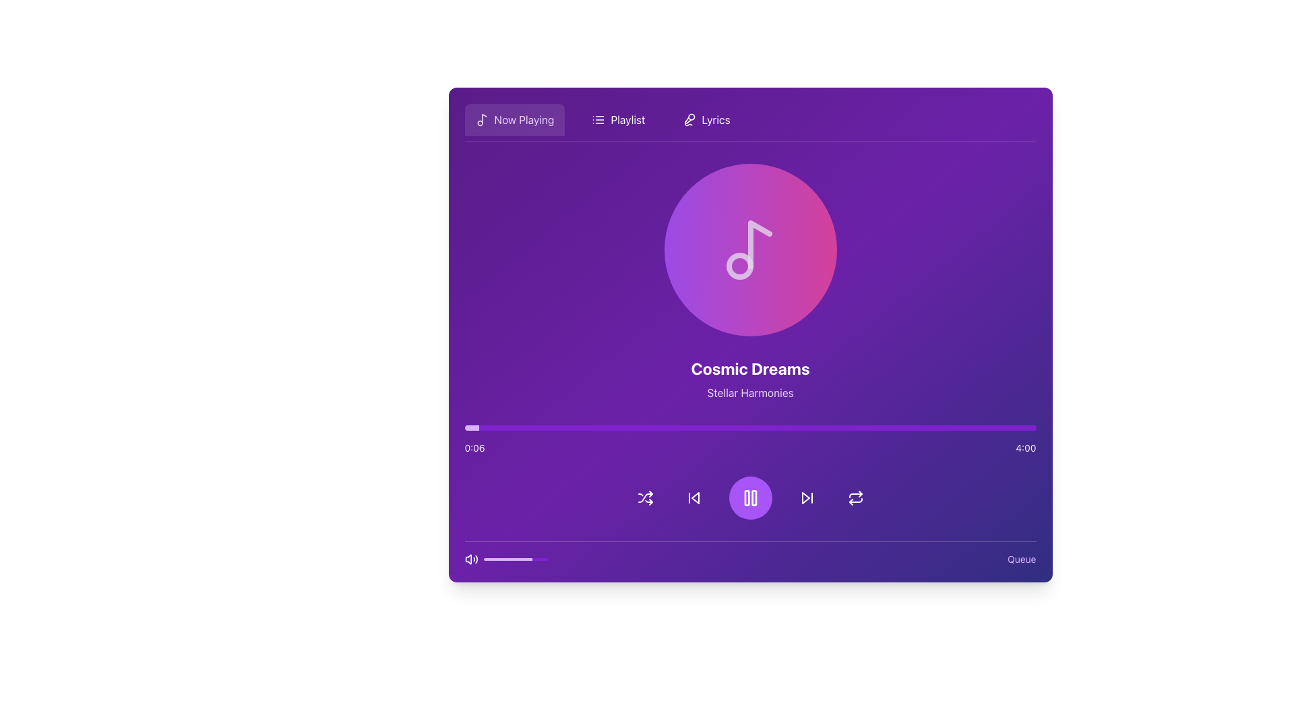 The image size is (1294, 728). Describe the element at coordinates (887, 428) in the screenshot. I see `playback progress` at that location.